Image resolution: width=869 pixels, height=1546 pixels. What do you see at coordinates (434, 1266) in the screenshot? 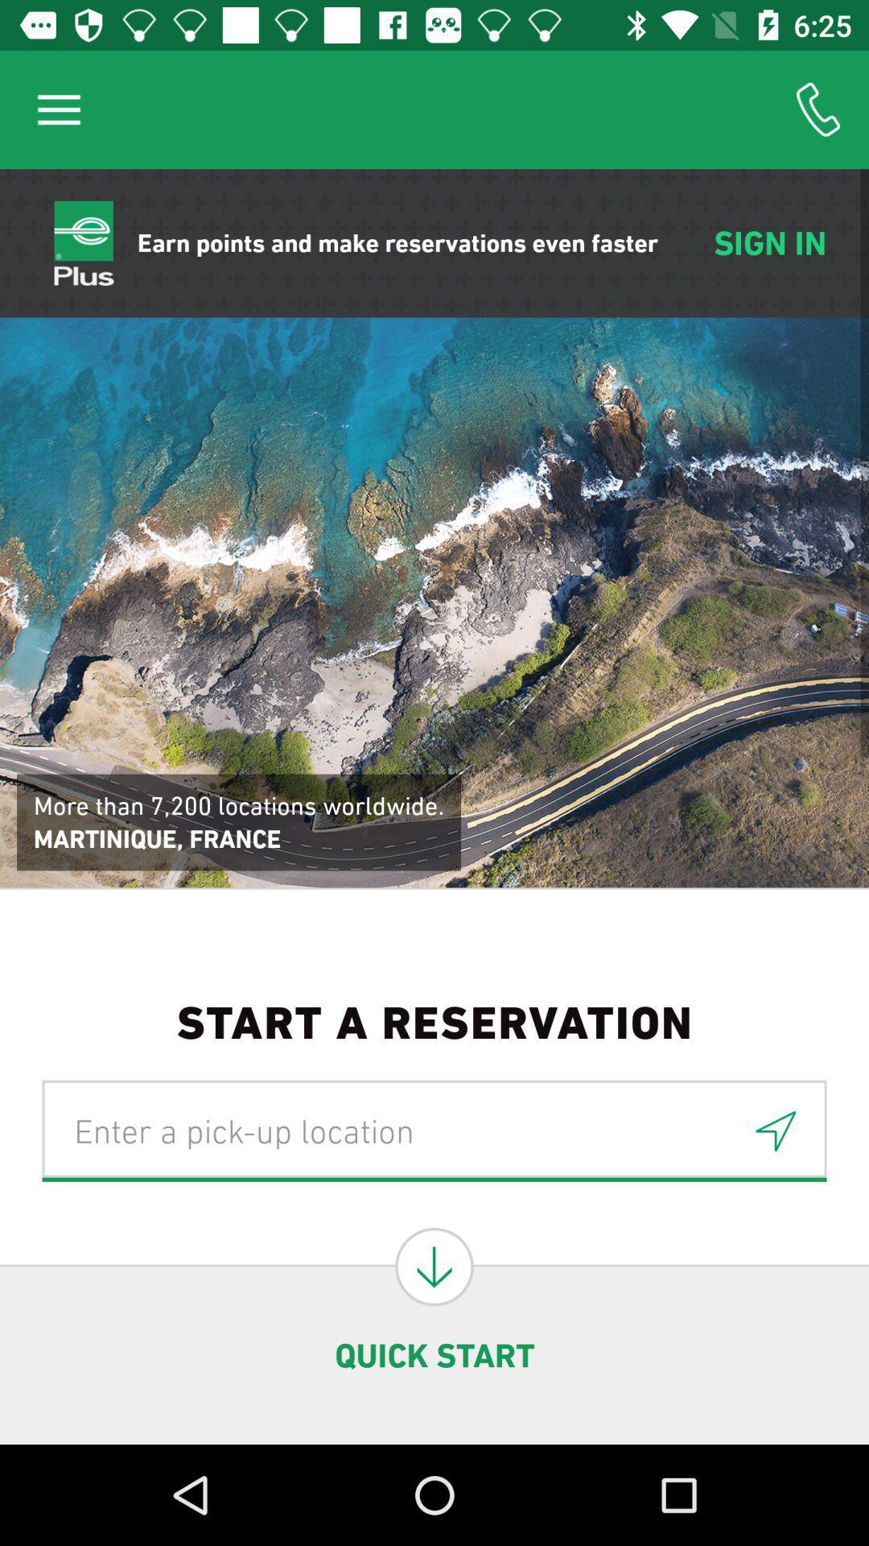
I see `the arrow_downward icon` at bounding box center [434, 1266].